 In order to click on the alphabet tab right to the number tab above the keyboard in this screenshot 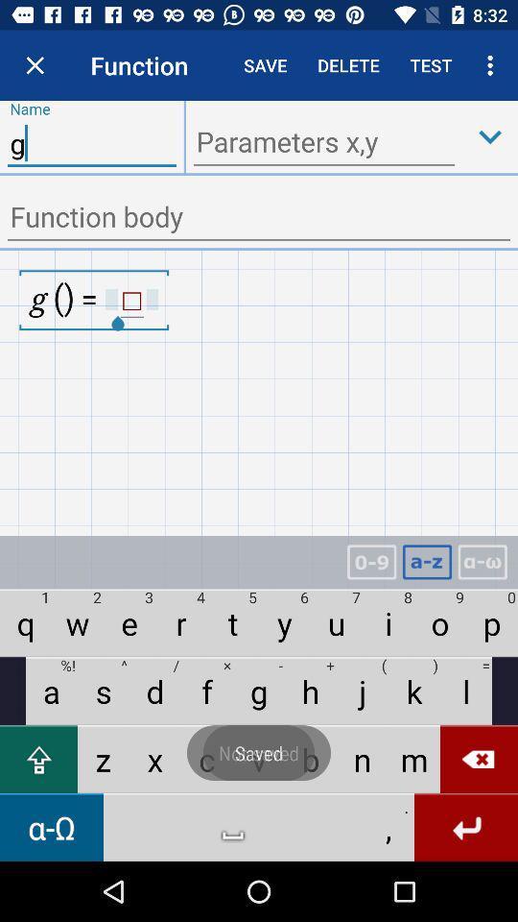, I will do `click(427, 562)`.